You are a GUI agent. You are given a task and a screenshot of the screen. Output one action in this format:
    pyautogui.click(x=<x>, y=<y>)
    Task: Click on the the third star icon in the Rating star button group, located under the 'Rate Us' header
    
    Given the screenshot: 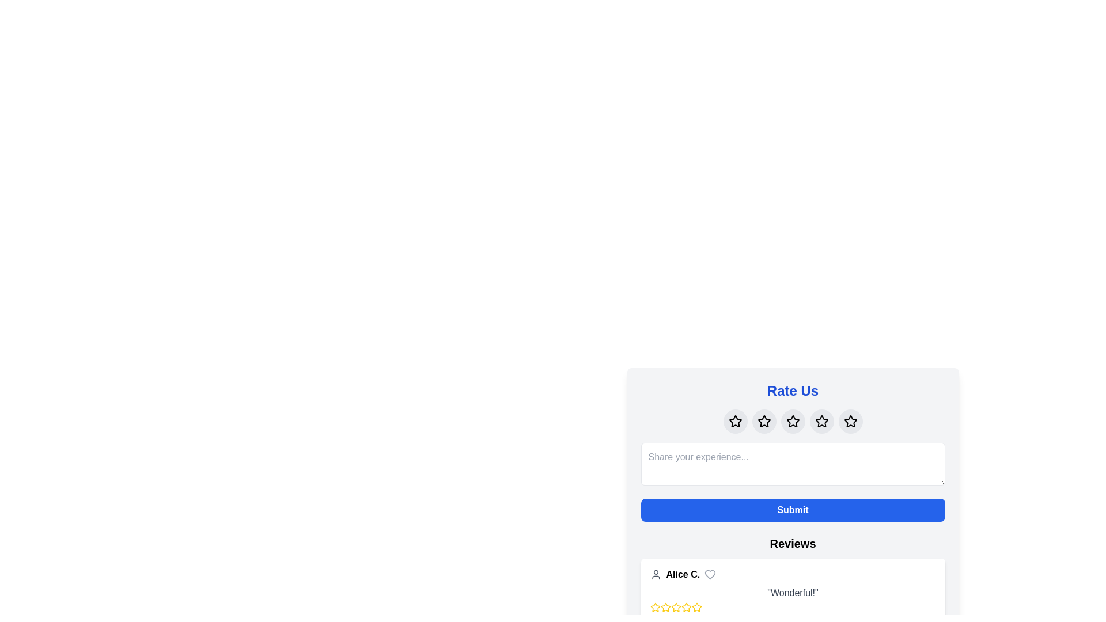 What is the action you would take?
    pyautogui.click(x=792, y=422)
    